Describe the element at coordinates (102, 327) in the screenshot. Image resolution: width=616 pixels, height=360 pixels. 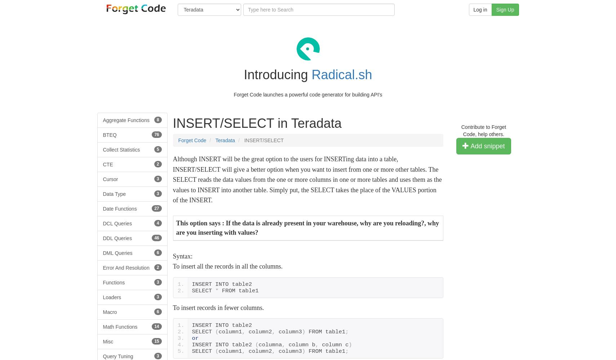
I see `'Math Functions'` at that location.